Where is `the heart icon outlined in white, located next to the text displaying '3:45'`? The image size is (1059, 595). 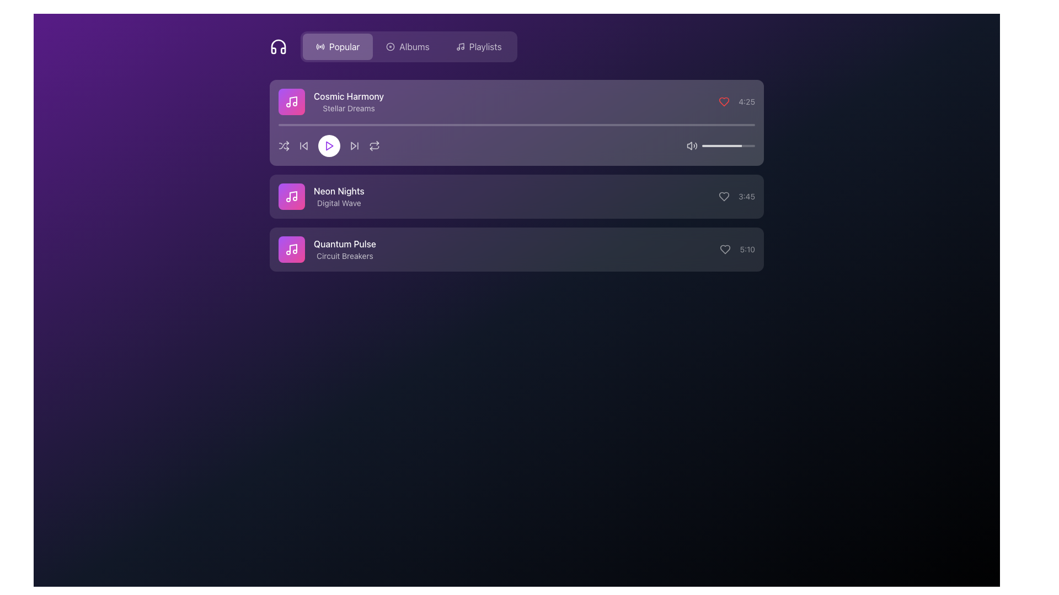 the heart icon outlined in white, located next to the text displaying '3:45' is located at coordinates (724, 196).